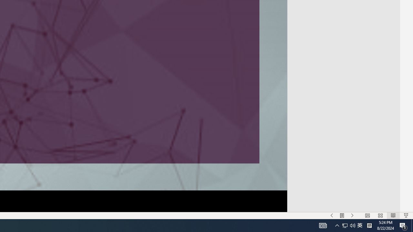 The width and height of the screenshot is (413, 232). What do you see at coordinates (352, 216) in the screenshot?
I see `'Slide Show Next On'` at bounding box center [352, 216].